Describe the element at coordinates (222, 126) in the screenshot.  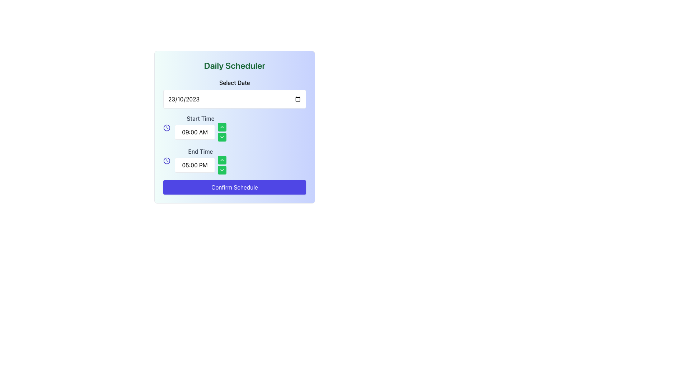
I see `the small green button with a white upward arrow icon, positioned above the downward arrow button in the 'Start Time' field` at that location.